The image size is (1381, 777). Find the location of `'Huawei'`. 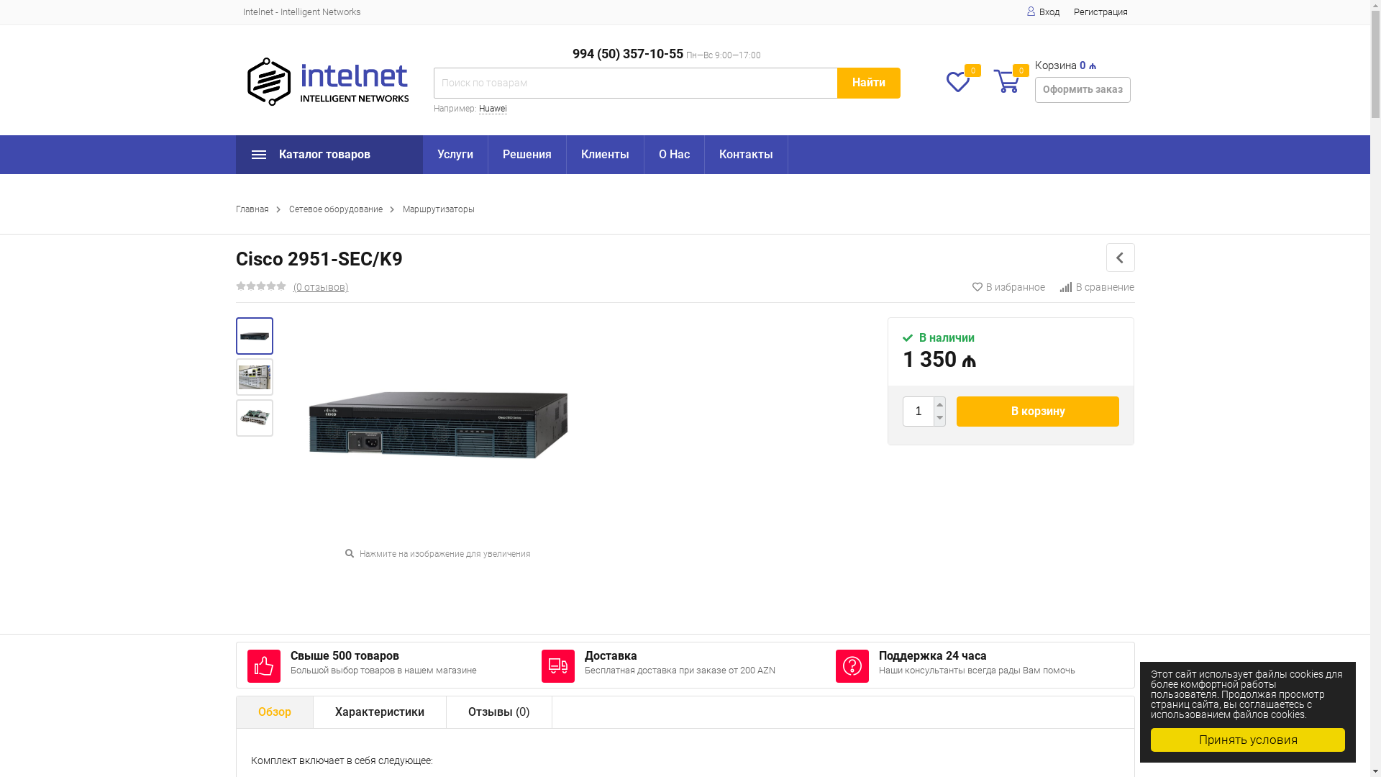

'Huawei' is located at coordinates (493, 108).